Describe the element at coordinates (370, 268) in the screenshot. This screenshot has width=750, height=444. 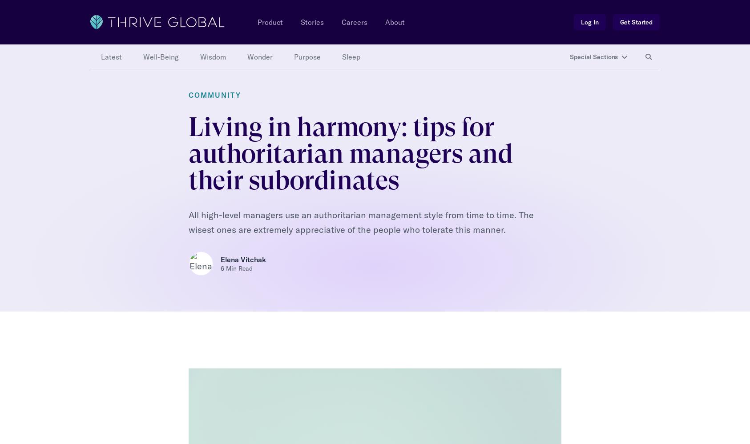
I see `'Additionally, it’s important to come to an agreement on a “psychological contract” with your manager that covers who is responsible for what and has final say in certain areas.'` at that location.